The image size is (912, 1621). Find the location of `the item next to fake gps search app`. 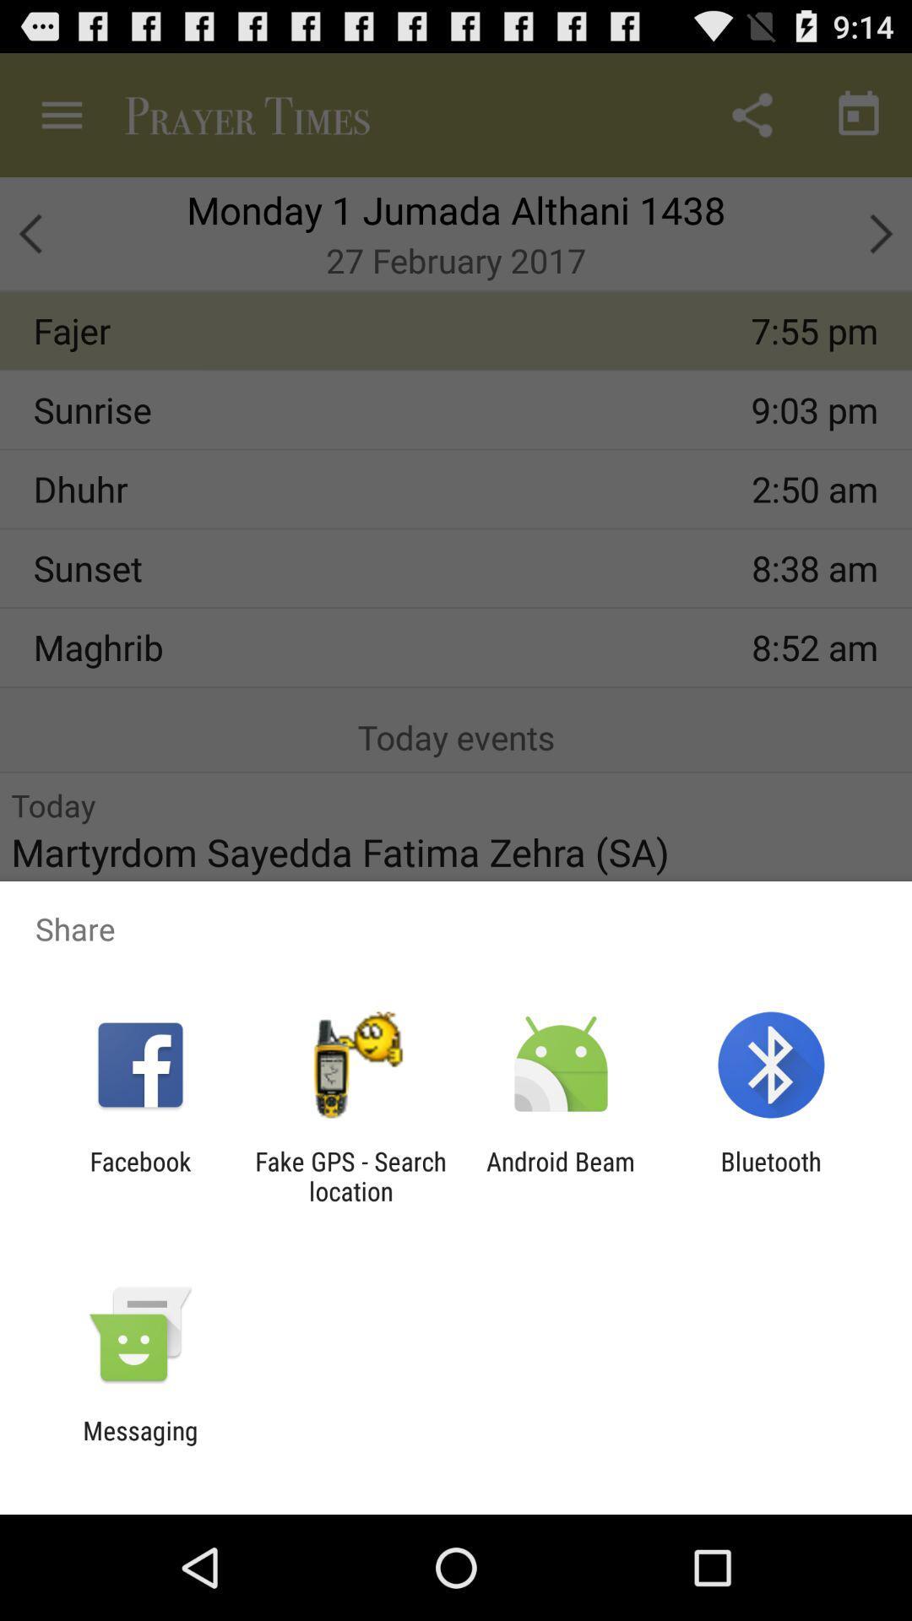

the item next to fake gps search app is located at coordinates (561, 1175).